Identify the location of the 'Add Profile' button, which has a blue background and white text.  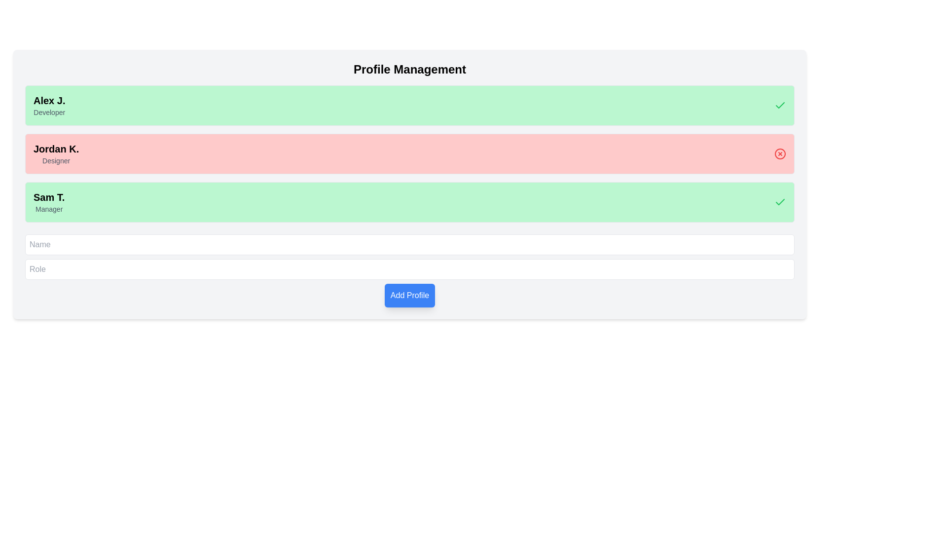
(409, 295).